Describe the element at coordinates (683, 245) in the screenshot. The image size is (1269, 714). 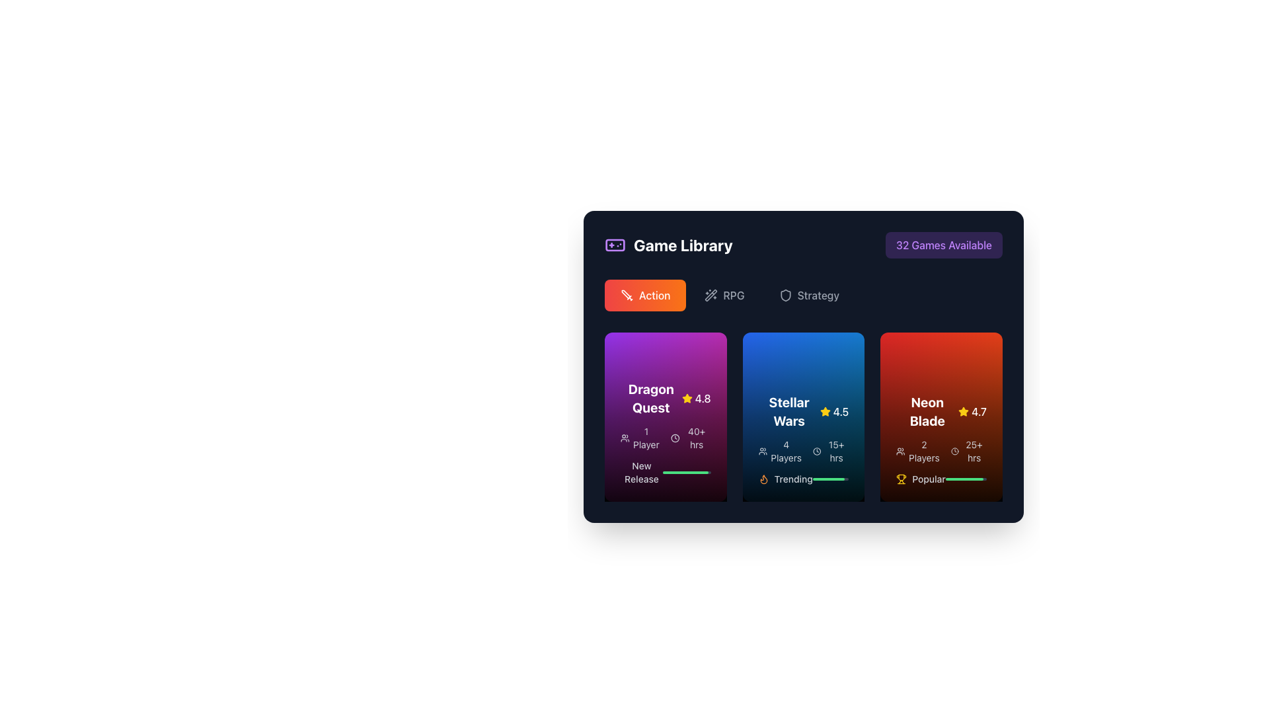
I see `the header text label located to the right of the purple game controller icon and left of the '32 Games Available' badge in the game options section of the interface` at that location.